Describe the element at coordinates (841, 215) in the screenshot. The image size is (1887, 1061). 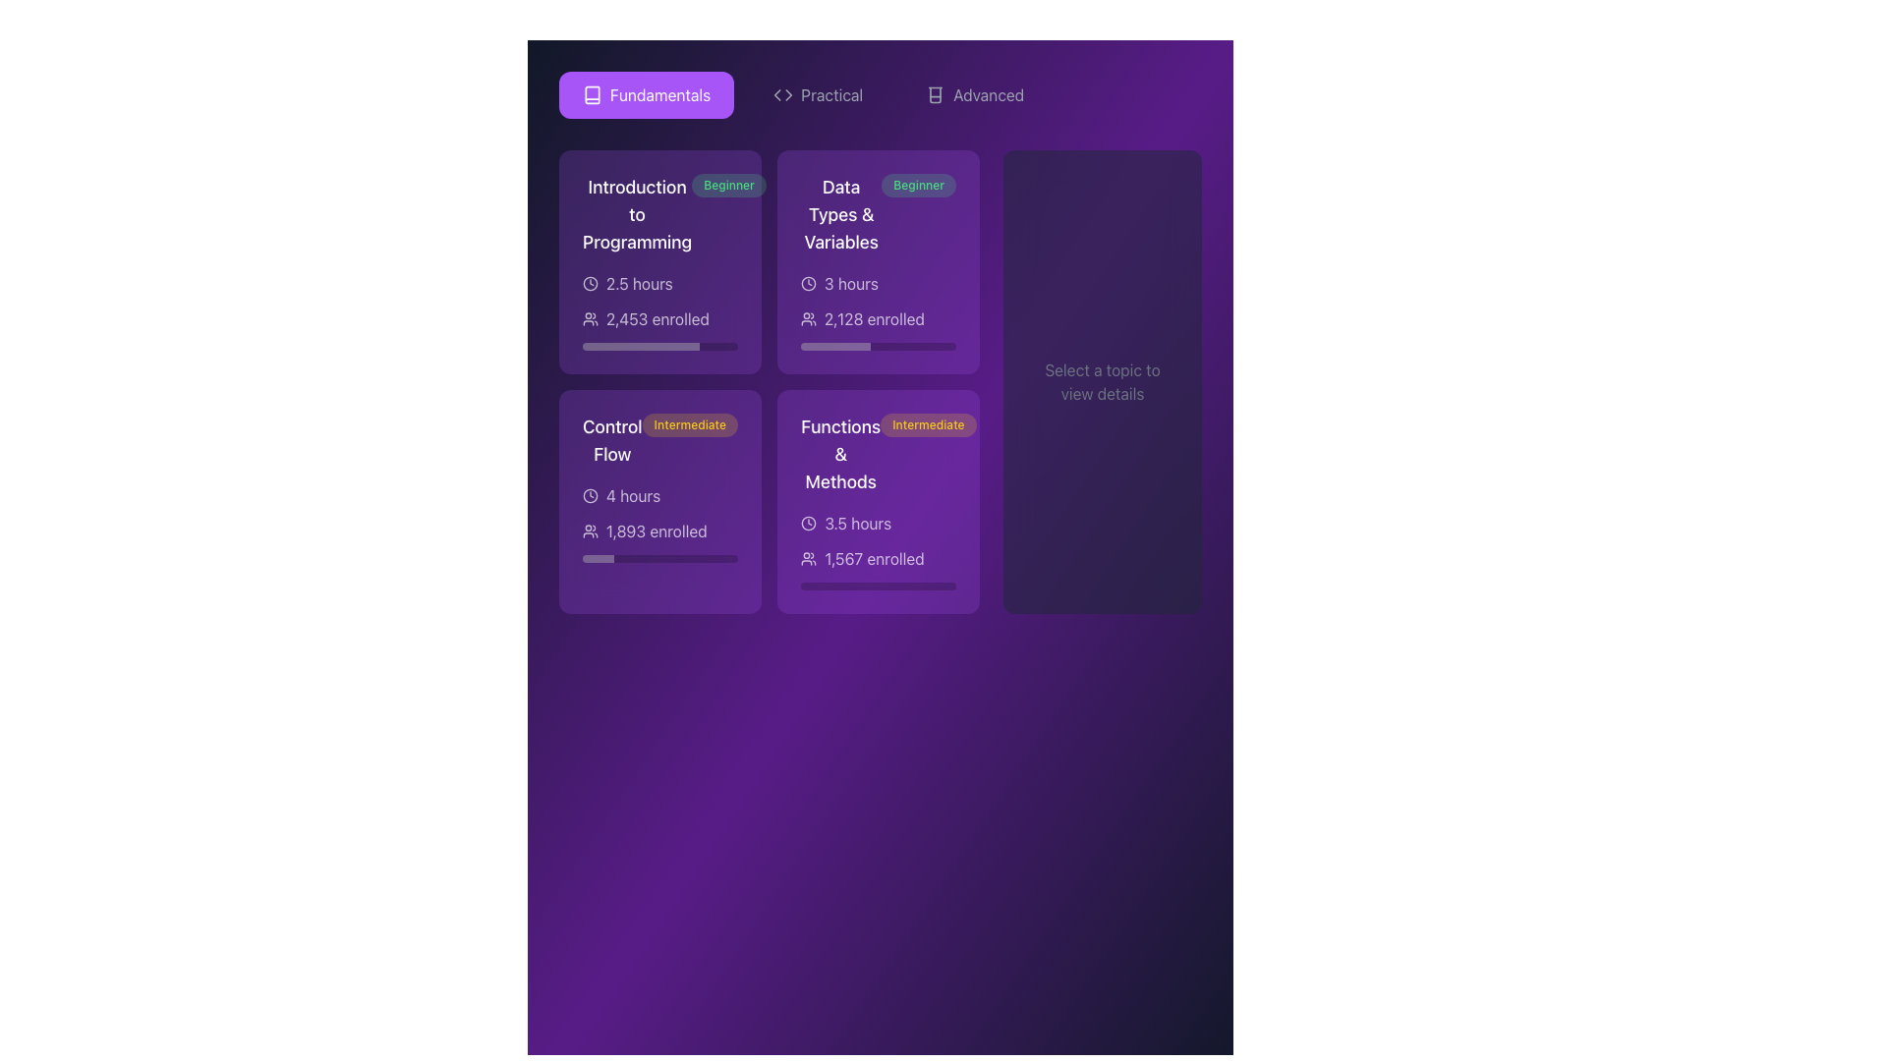
I see `the Text element titled 'Data Types & Variables' located in the second card of the top row in the grid structure` at that location.